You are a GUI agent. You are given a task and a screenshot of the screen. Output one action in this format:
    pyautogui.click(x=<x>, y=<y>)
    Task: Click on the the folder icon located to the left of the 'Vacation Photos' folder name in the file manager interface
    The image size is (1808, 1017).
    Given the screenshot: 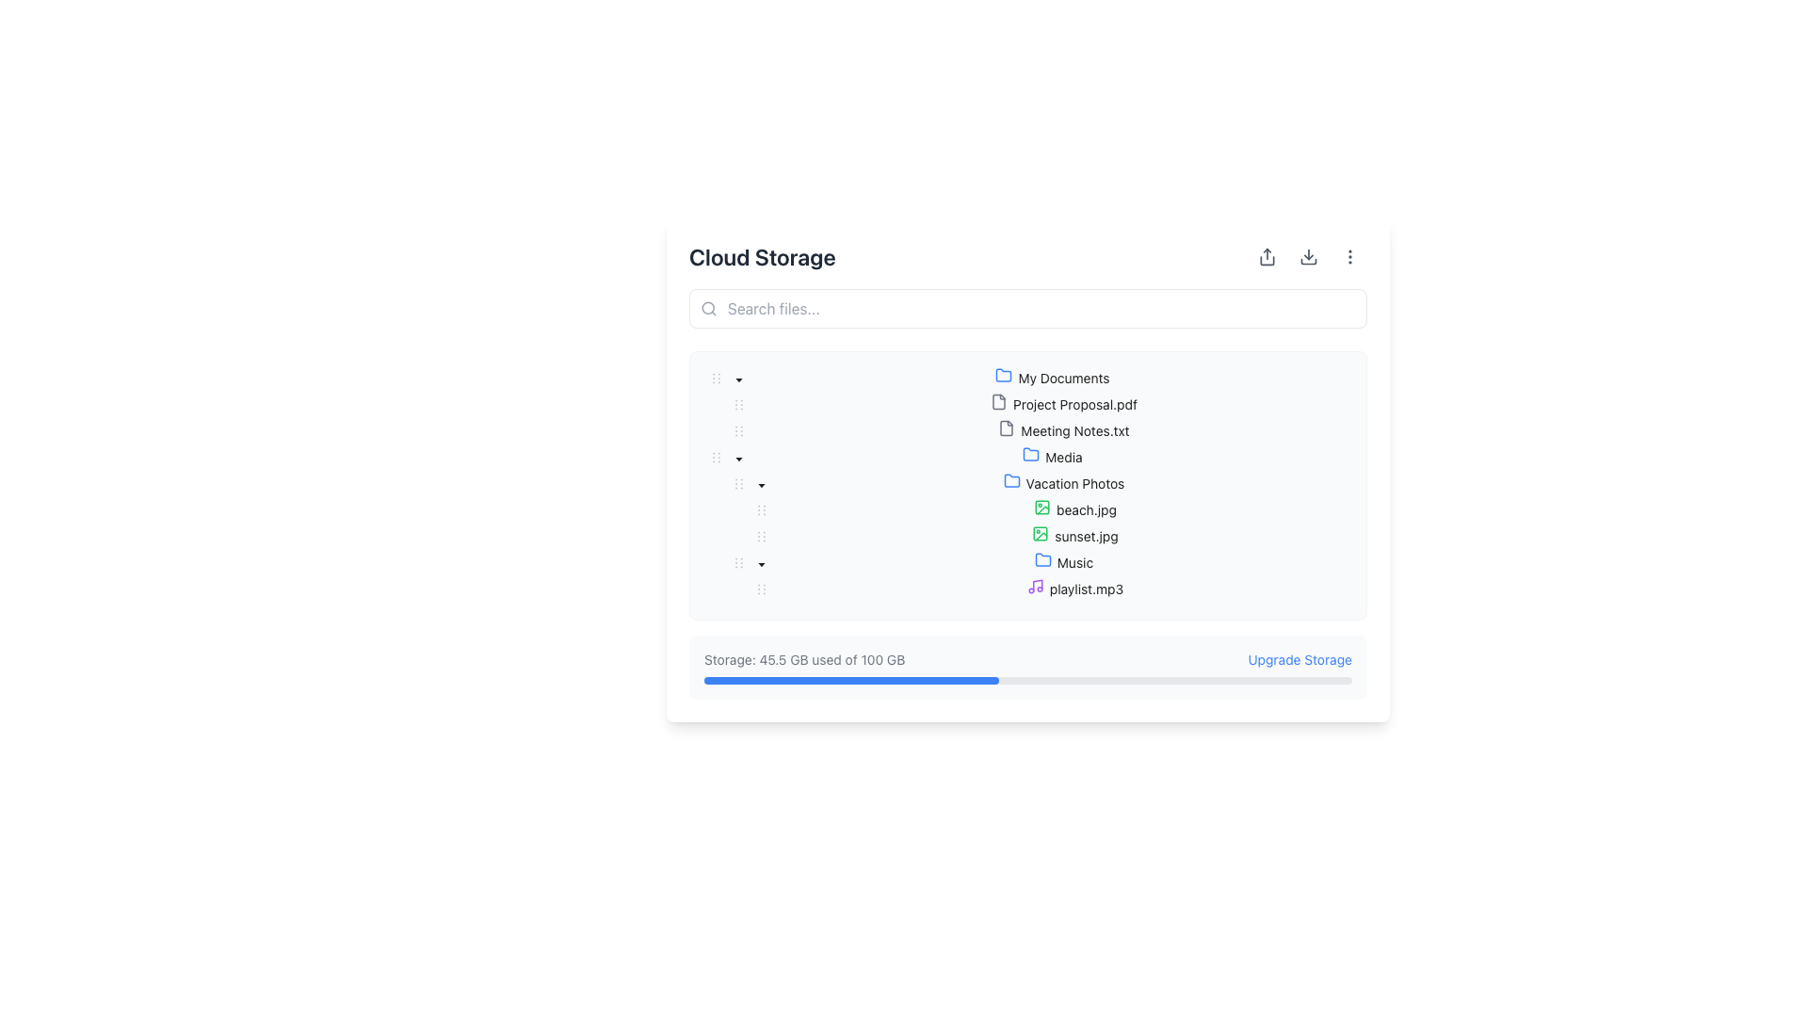 What is the action you would take?
    pyautogui.click(x=1010, y=479)
    